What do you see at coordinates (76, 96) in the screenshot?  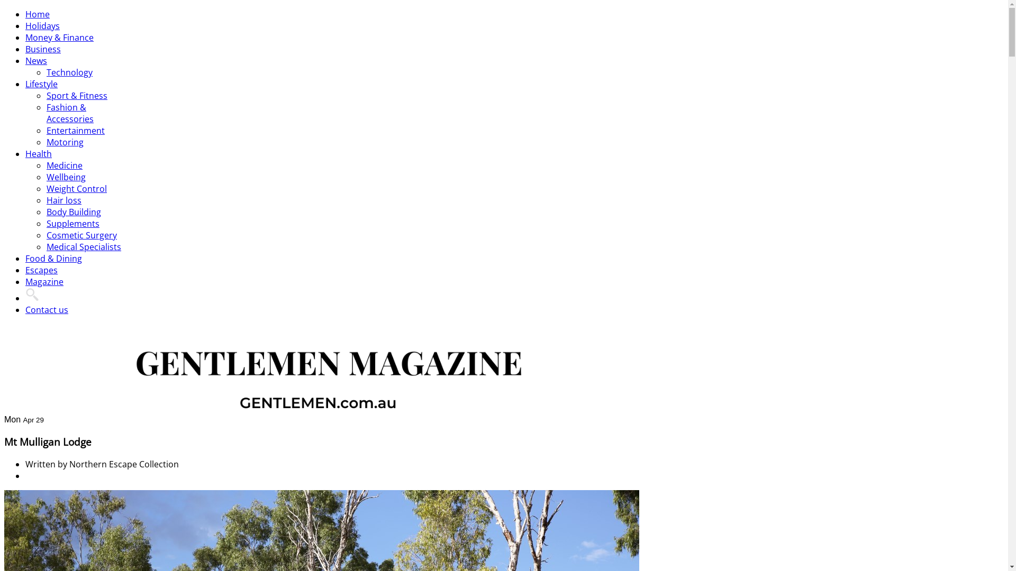 I see `'Sport & Fitness'` at bounding box center [76, 96].